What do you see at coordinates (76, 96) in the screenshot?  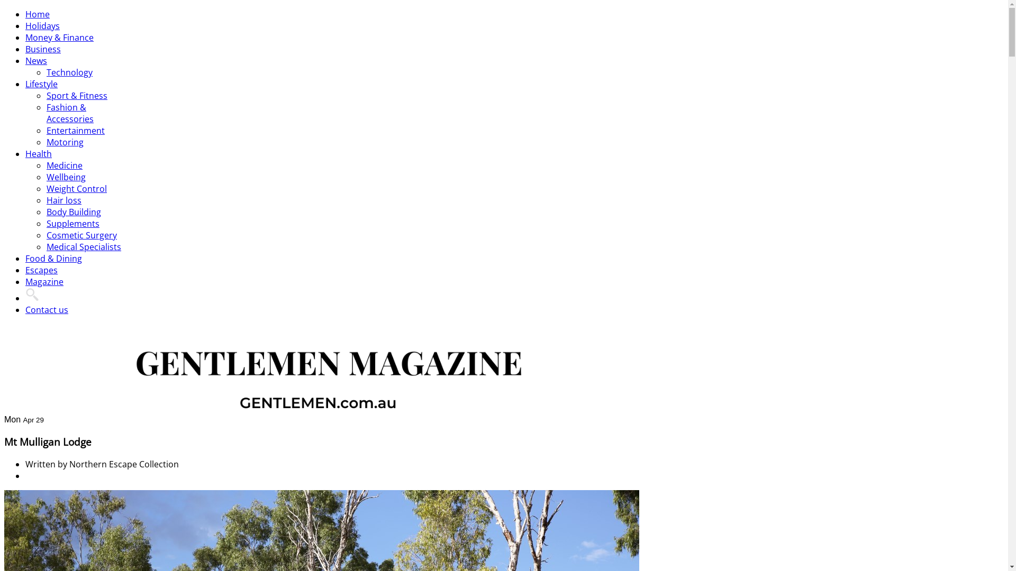 I see `'Sport & Fitness'` at bounding box center [76, 96].